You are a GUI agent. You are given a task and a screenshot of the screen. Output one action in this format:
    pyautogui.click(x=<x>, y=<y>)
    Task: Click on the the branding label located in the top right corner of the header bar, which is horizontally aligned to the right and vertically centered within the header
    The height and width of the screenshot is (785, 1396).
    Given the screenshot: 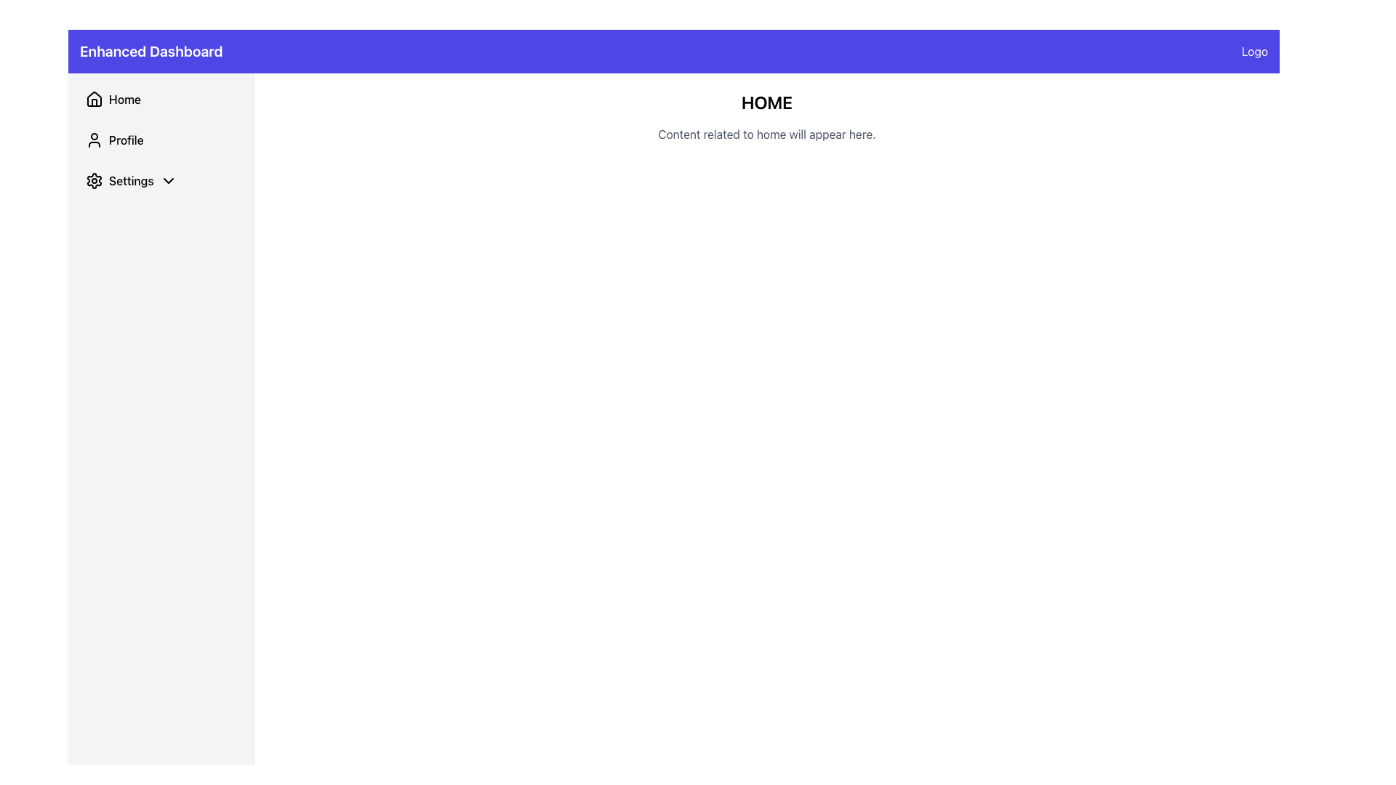 What is the action you would take?
    pyautogui.click(x=1253, y=50)
    